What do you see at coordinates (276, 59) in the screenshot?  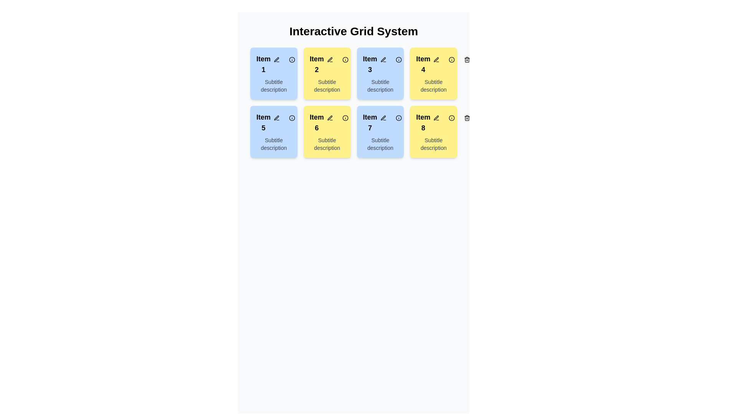 I see `the circular button with a pen icon in the top-right corner of the light blue card labeled 'Item 1', which is the first of three action buttons for this item` at bounding box center [276, 59].